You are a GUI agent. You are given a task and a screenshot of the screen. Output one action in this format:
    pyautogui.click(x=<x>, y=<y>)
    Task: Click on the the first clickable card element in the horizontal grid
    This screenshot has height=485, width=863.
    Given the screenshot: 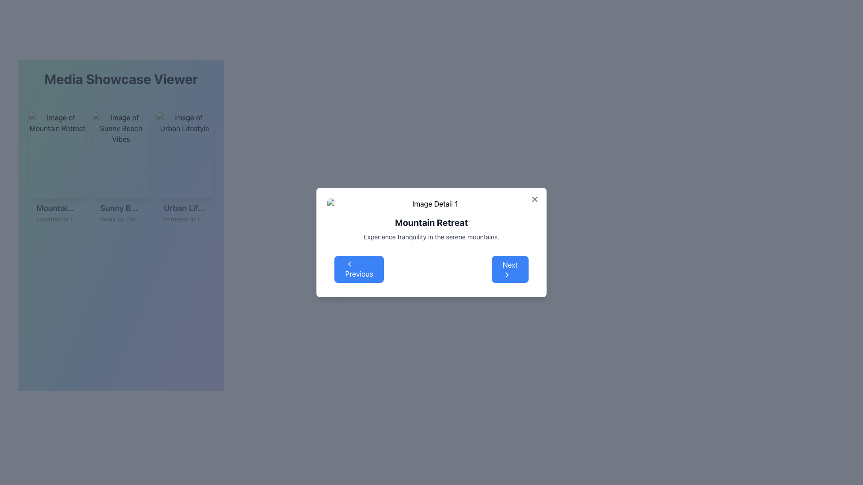 What is the action you would take?
    pyautogui.click(x=57, y=170)
    